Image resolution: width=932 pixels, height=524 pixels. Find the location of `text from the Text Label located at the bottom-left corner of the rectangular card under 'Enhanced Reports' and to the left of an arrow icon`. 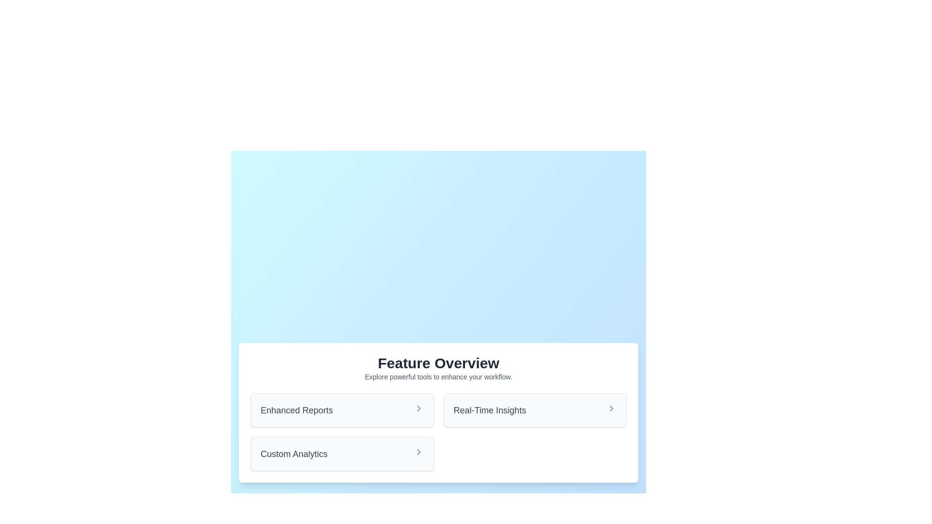

text from the Text Label located at the bottom-left corner of the rectangular card under 'Enhanced Reports' and to the left of an arrow icon is located at coordinates (293, 454).